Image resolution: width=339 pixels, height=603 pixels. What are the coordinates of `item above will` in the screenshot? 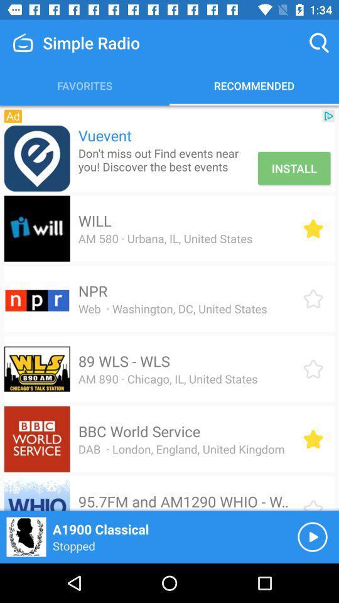 It's located at (166, 159).